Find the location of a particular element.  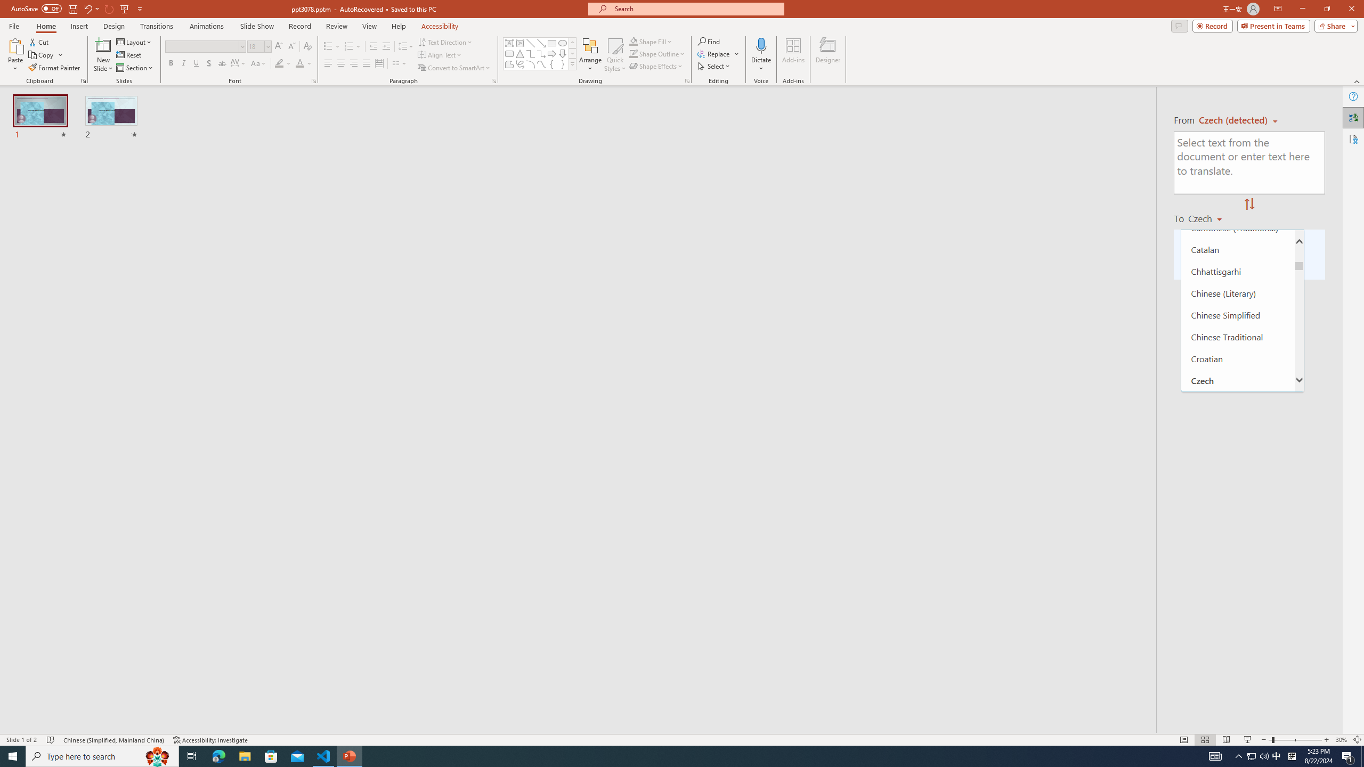

'Swap "from" and "to" languages.' is located at coordinates (1248, 204).